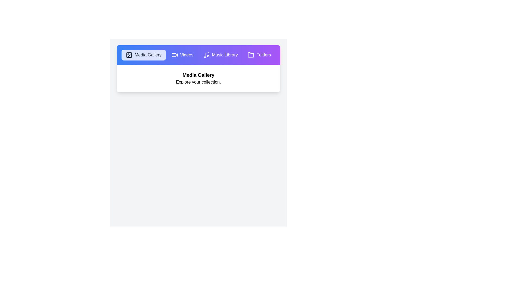  What do you see at coordinates (250, 55) in the screenshot?
I see `the 'Folders' icon in the navigation menu` at bounding box center [250, 55].